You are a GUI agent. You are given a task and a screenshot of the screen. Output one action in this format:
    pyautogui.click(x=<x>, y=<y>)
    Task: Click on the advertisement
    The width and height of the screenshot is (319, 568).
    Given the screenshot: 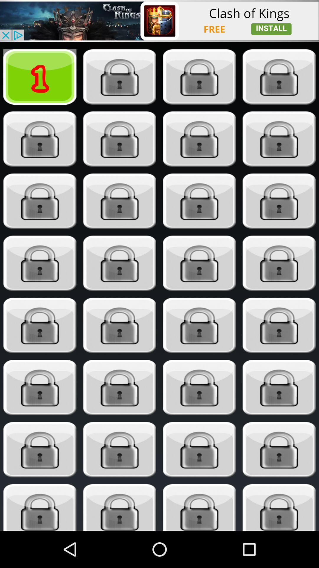 What is the action you would take?
    pyautogui.click(x=159, y=21)
    